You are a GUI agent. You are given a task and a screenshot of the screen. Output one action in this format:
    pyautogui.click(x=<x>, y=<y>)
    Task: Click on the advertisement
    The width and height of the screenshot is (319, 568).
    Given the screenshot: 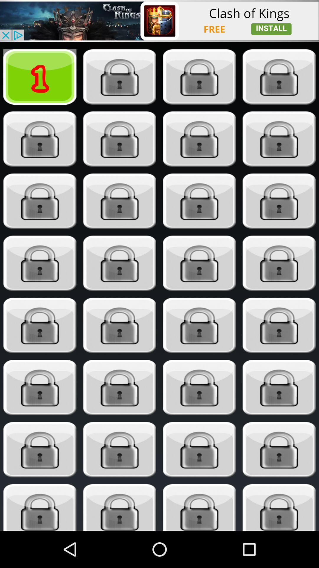 What is the action you would take?
    pyautogui.click(x=159, y=21)
    